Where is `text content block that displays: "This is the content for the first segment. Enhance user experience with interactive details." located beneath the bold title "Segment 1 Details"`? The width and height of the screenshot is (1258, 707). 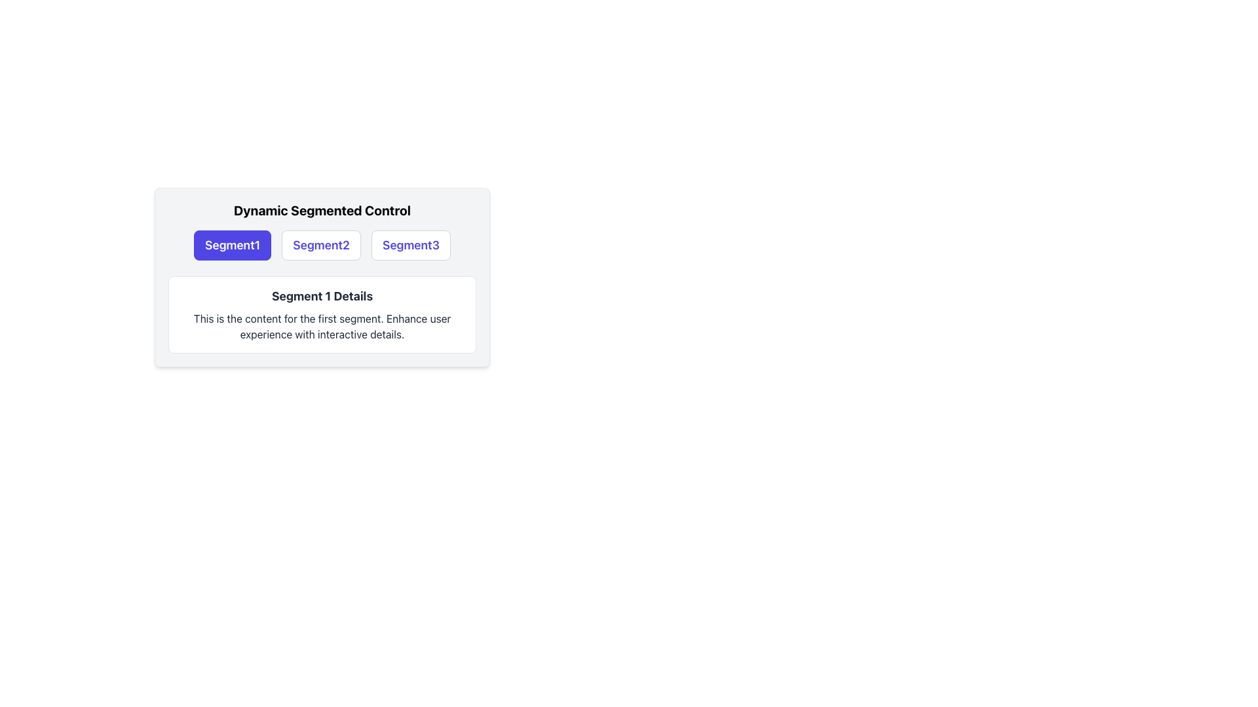
text content block that displays: "This is the content for the first segment. Enhance user experience with interactive details." located beneath the bold title "Segment 1 Details" is located at coordinates (322, 325).